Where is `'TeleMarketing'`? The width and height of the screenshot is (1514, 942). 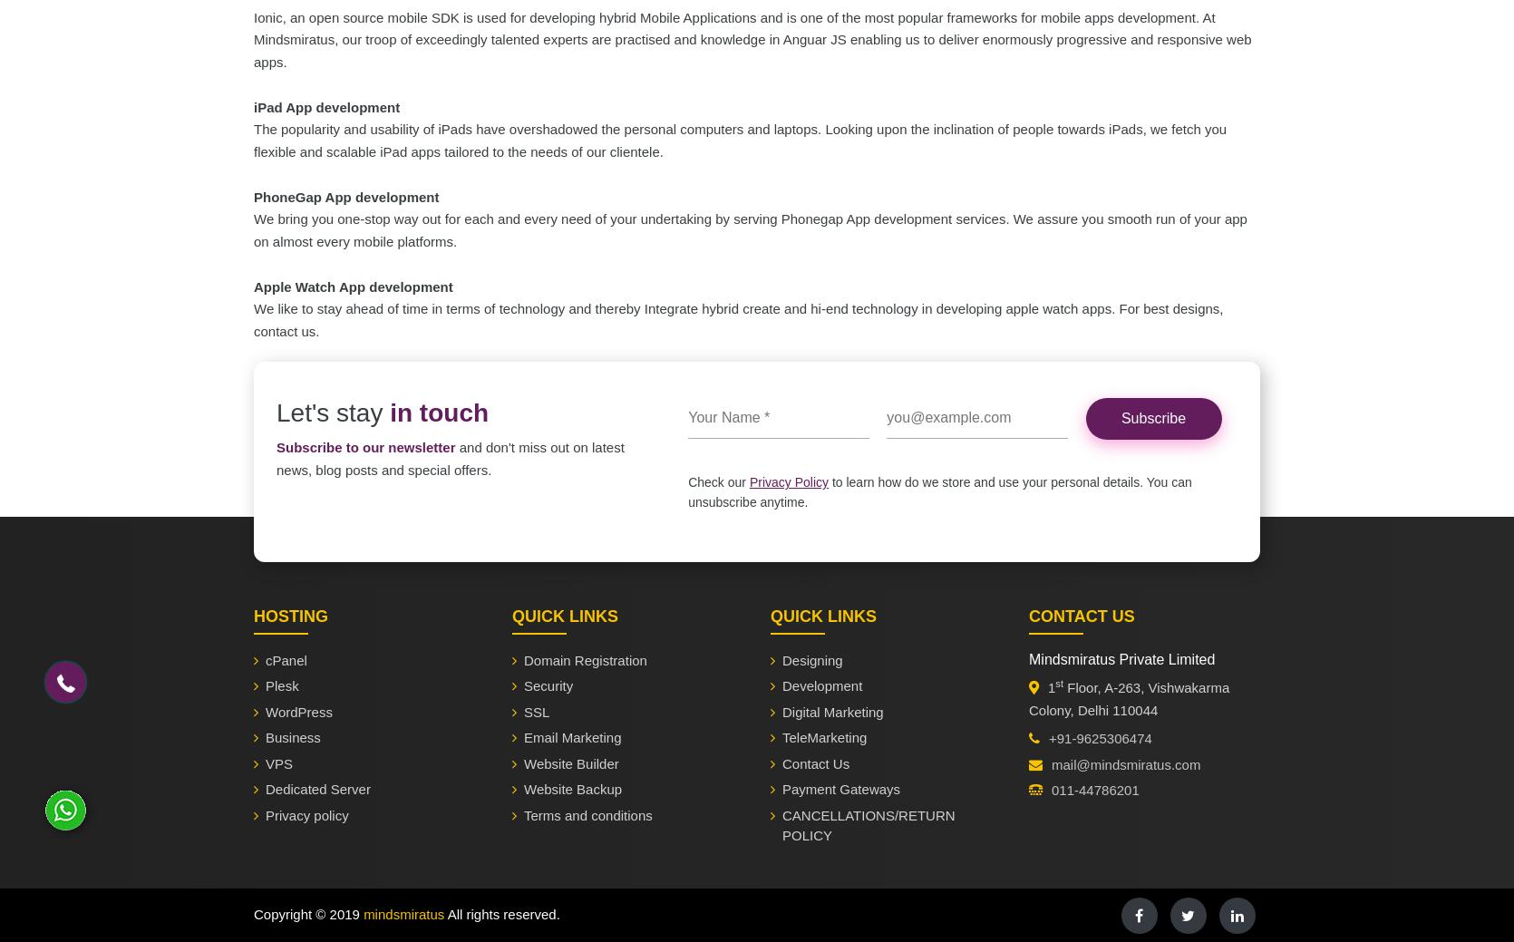 'TeleMarketing' is located at coordinates (824, 736).